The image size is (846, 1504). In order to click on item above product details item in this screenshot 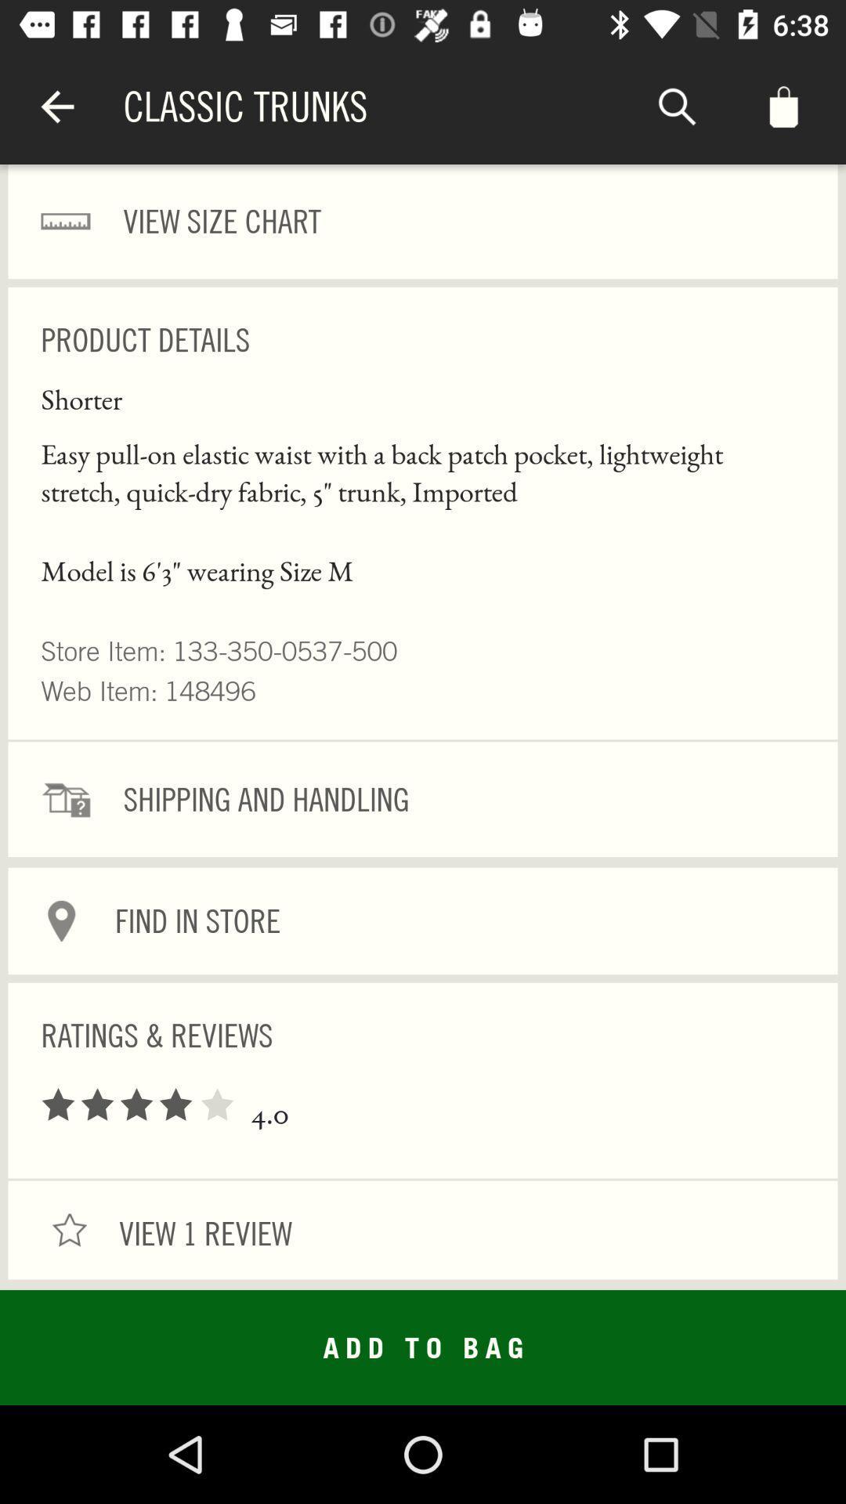, I will do `click(423, 221)`.